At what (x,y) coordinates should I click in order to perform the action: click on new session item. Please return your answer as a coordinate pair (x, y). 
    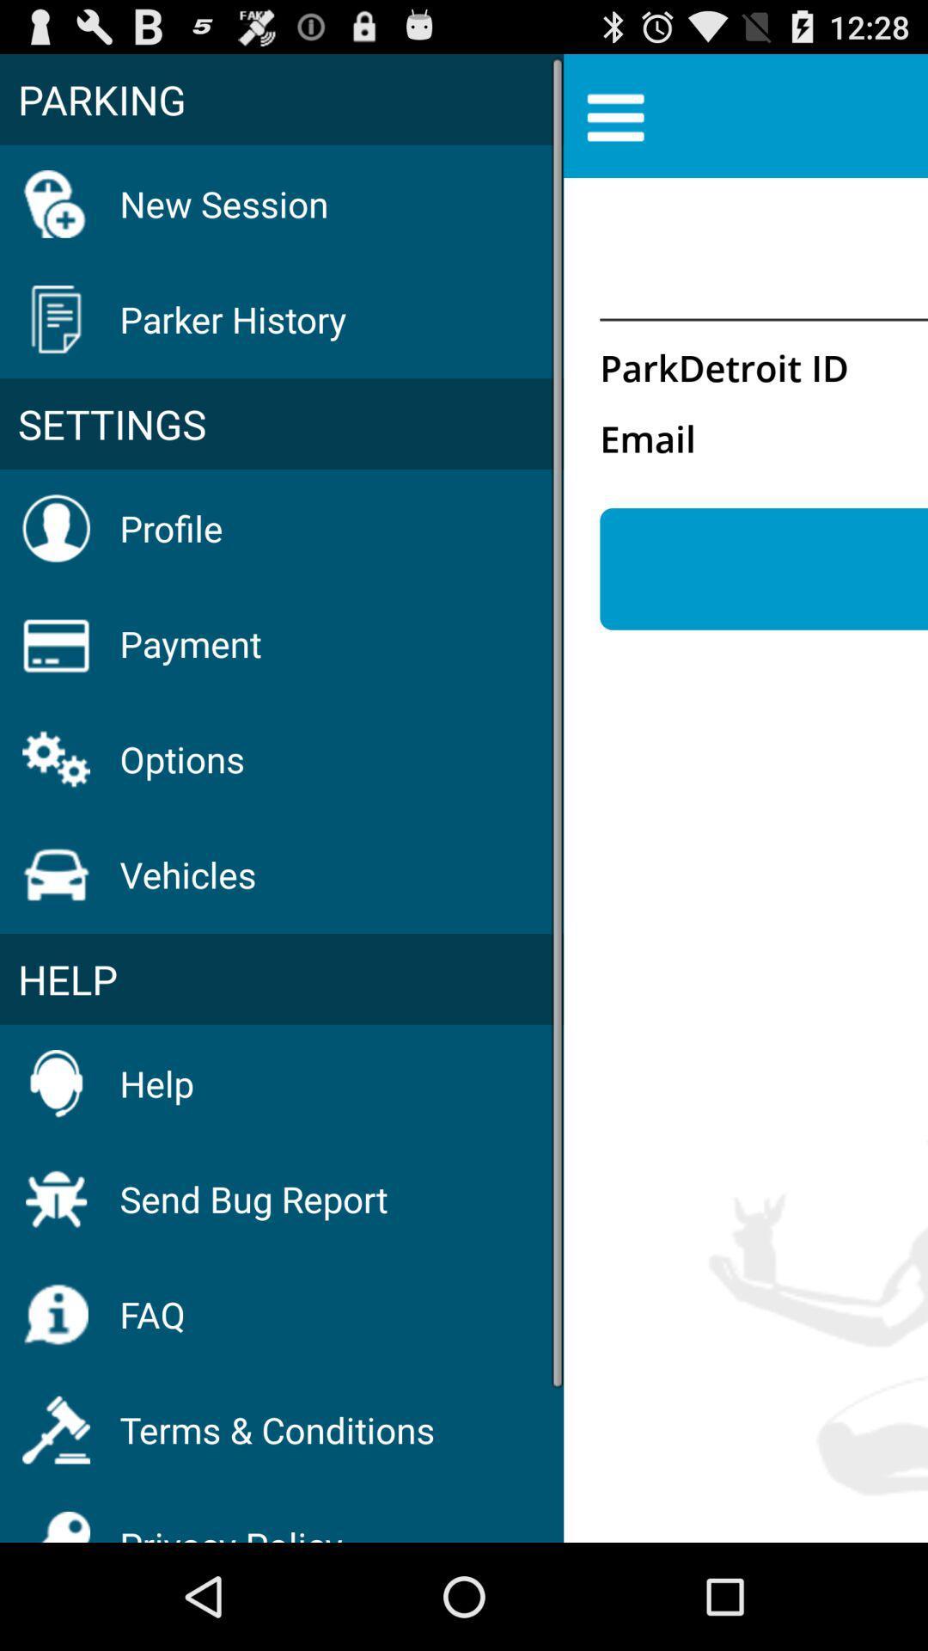
    Looking at the image, I should click on (223, 203).